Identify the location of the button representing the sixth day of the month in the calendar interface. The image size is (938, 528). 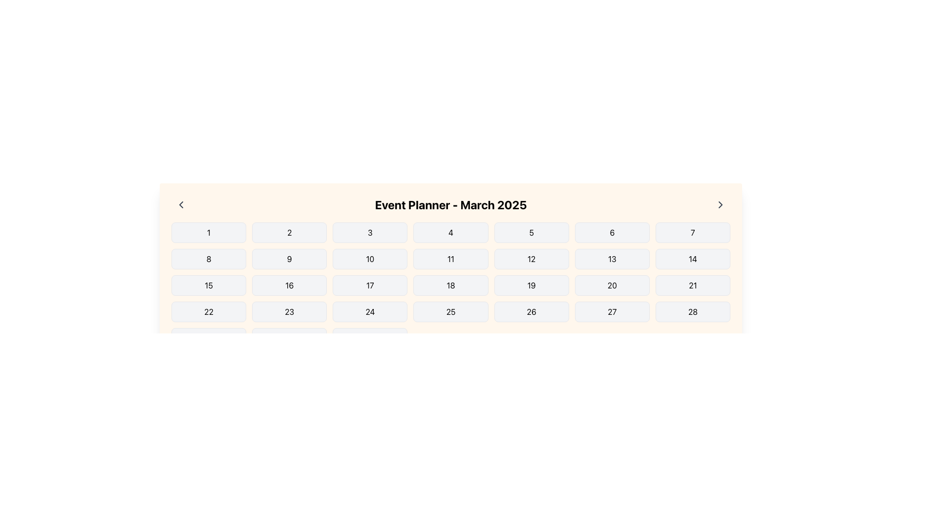
(612, 232).